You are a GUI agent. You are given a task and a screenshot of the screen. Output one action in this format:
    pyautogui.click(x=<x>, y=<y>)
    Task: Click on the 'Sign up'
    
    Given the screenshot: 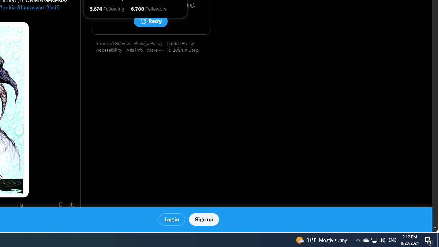 What is the action you would take?
    pyautogui.click(x=203, y=220)
    